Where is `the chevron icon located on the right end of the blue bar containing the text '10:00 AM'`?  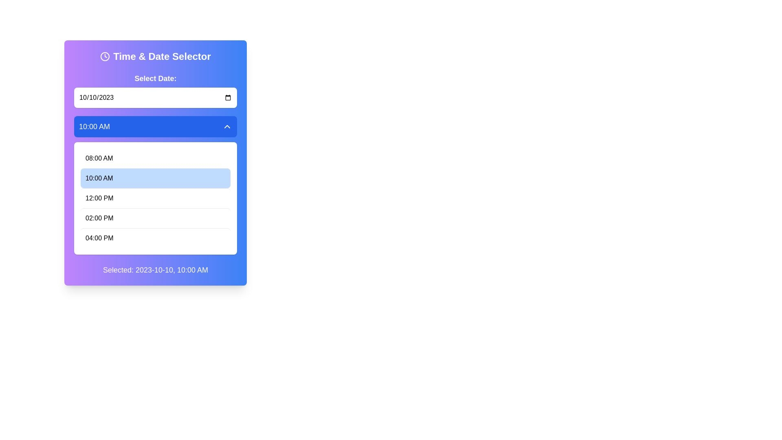
the chevron icon located on the right end of the blue bar containing the text '10:00 AM' is located at coordinates (227, 127).